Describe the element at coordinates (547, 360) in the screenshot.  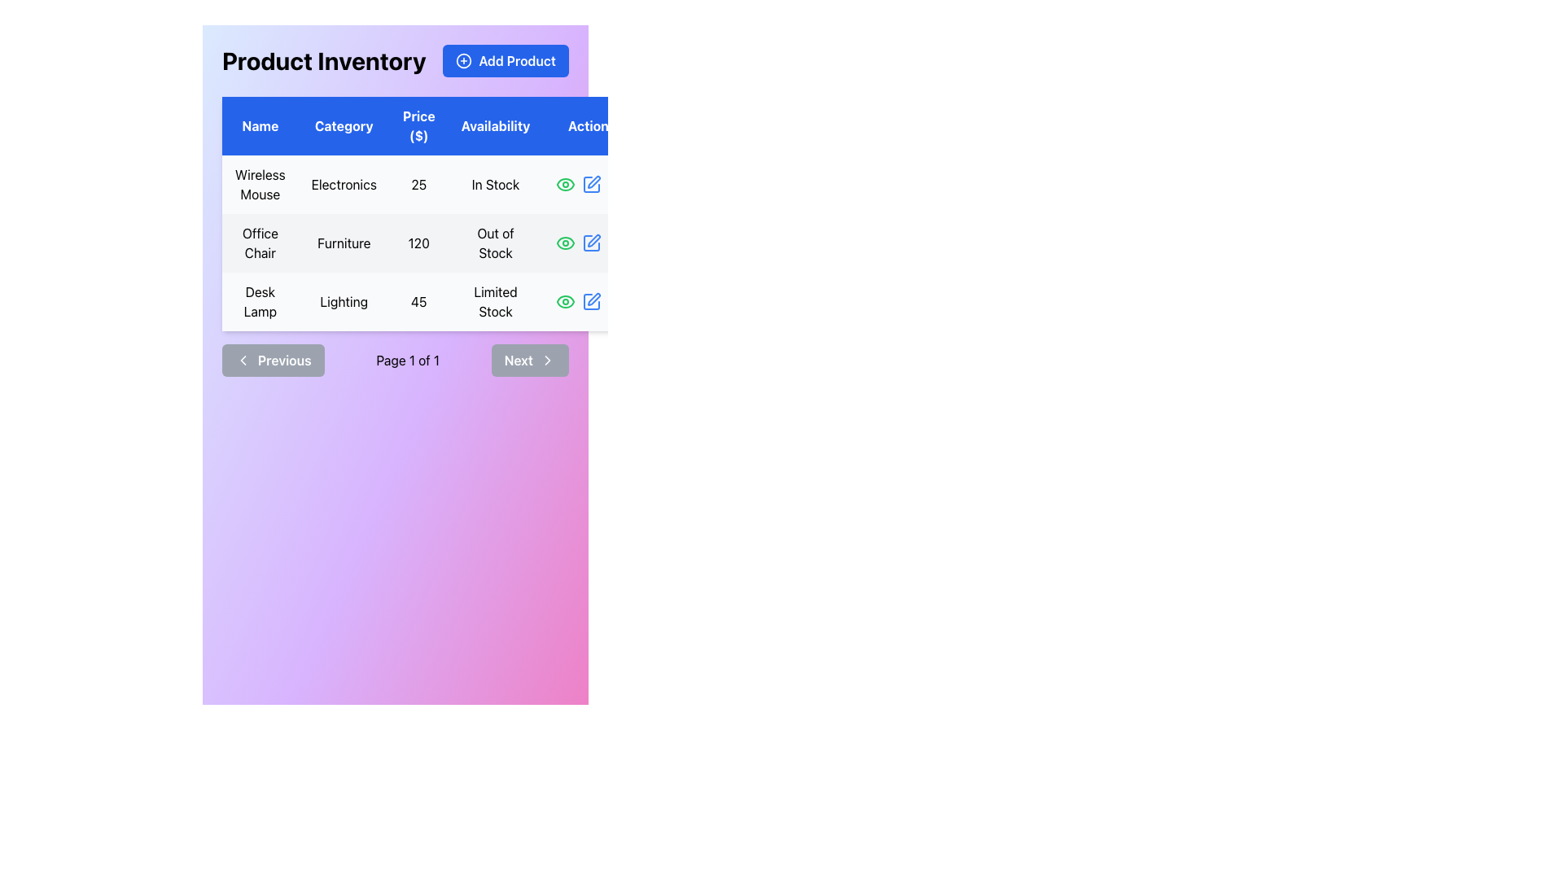
I see `the 'Next' button which contains the right-facing chevron icon` at that location.